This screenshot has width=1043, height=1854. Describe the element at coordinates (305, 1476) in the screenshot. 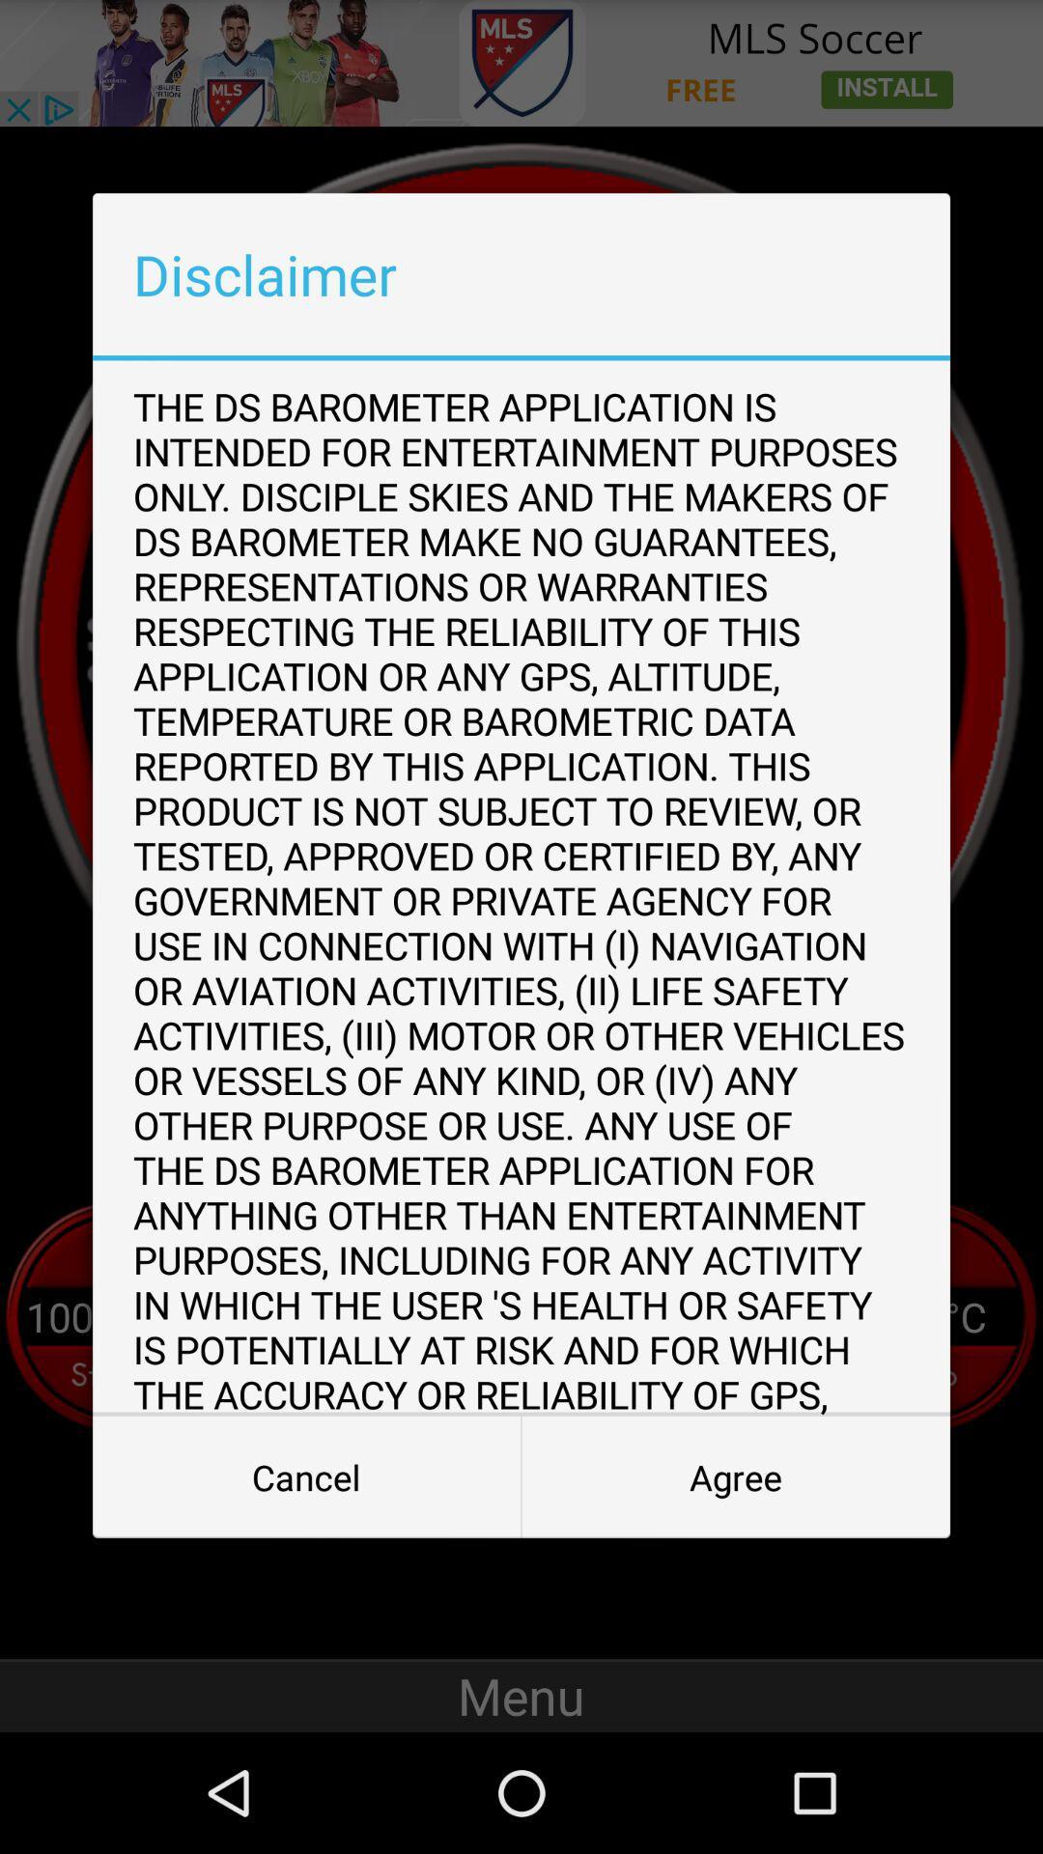

I see `the icon below the ds barometer app` at that location.